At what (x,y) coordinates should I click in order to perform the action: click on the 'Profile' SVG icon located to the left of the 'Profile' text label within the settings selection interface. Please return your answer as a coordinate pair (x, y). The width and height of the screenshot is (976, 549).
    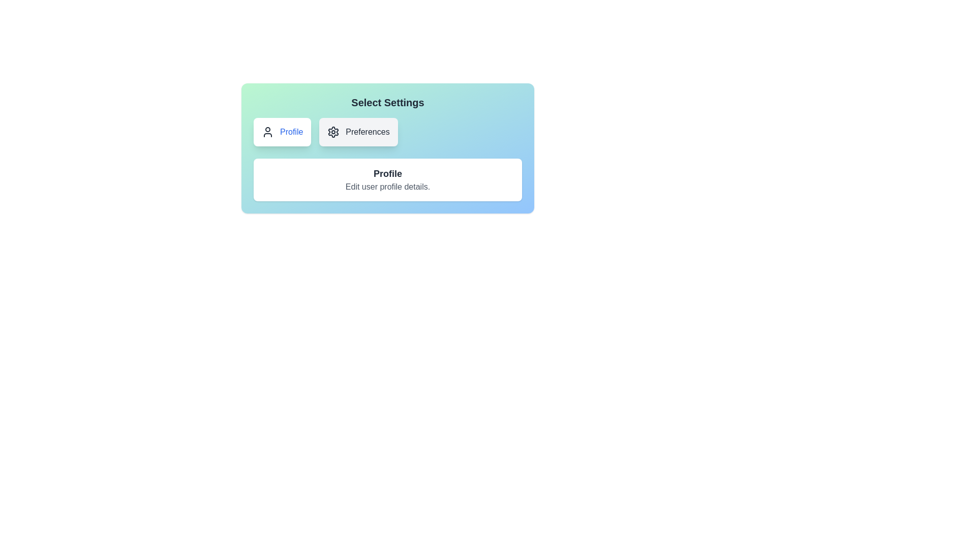
    Looking at the image, I should click on (268, 131).